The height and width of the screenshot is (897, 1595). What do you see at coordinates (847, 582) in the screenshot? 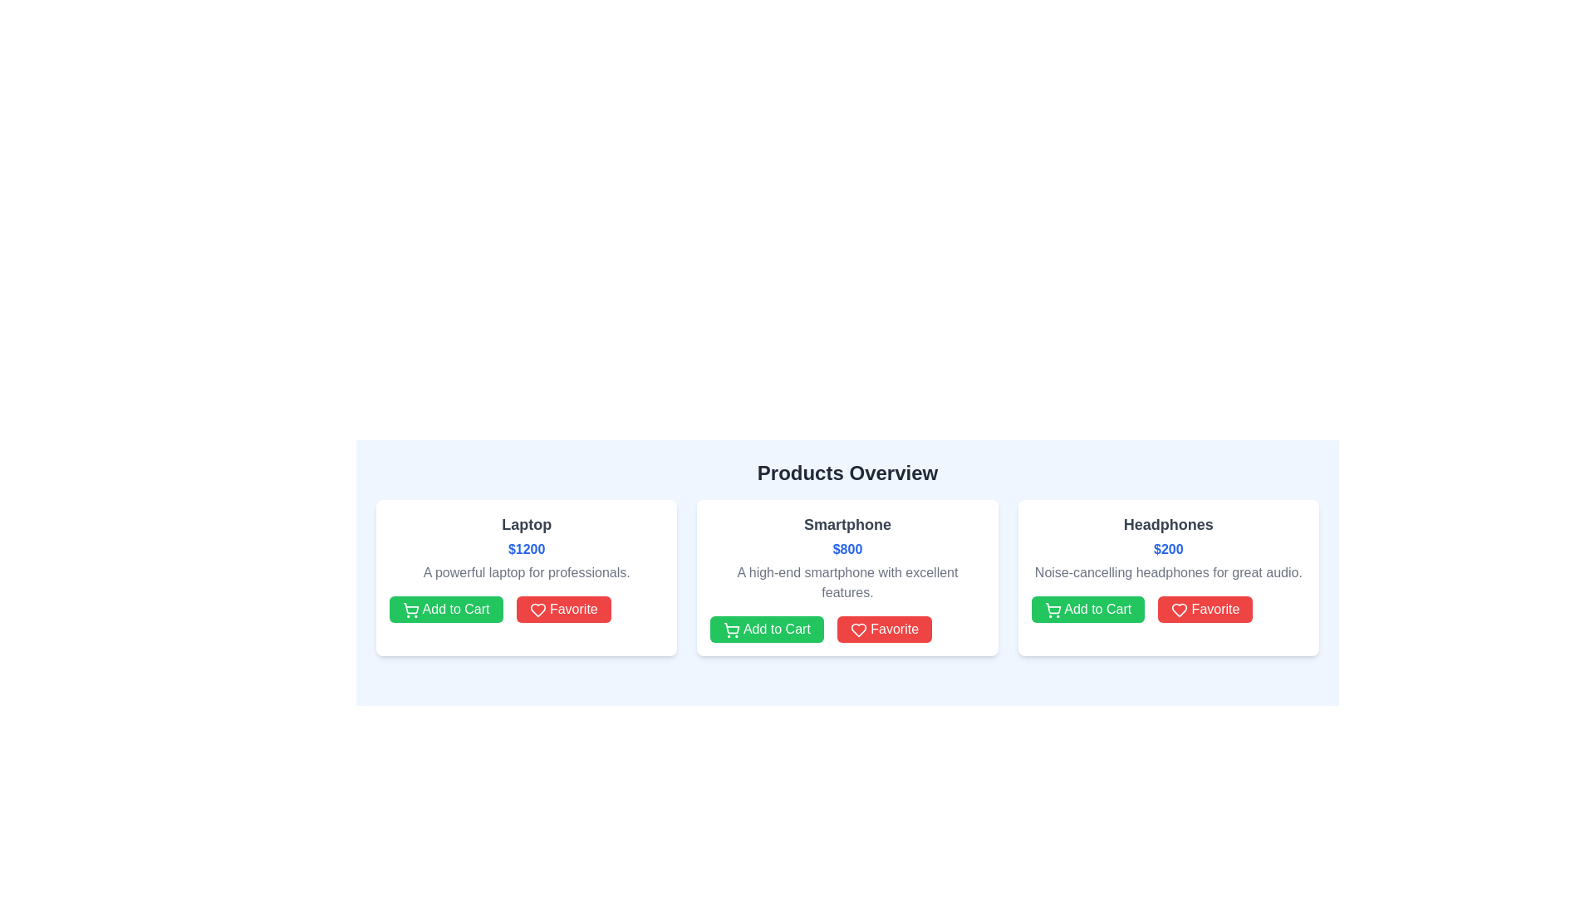
I see `the descriptive text label located within the card for the 'Smartphone' product, which is the third line beneath the price '$800.'` at bounding box center [847, 582].